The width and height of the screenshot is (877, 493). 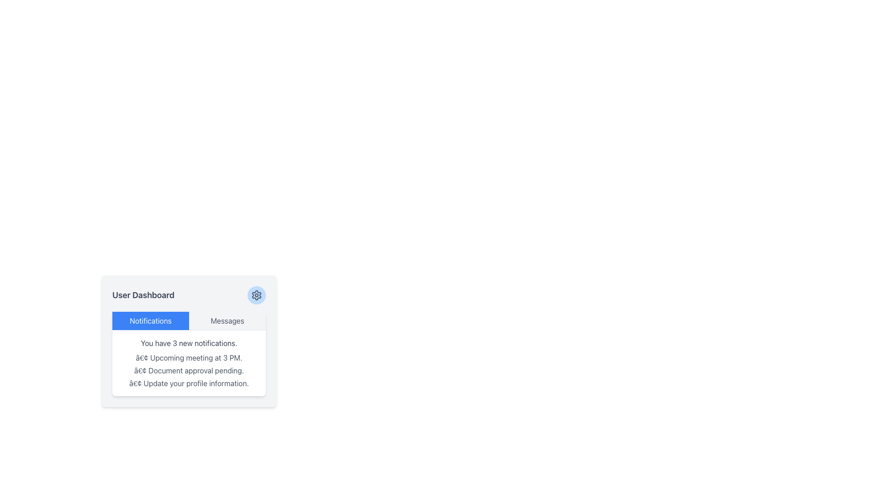 What do you see at coordinates (188, 371) in the screenshot?
I see `the notification text element located in the Notifications panel` at bounding box center [188, 371].